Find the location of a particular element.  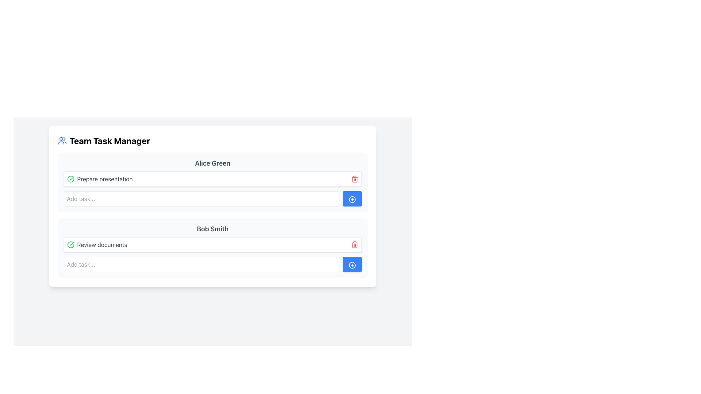

the Interactive Component Group (Input and Button) containing the text input field with placeholder 'Add task...' and the button with a blue background and white plus icon is located at coordinates (212, 264).